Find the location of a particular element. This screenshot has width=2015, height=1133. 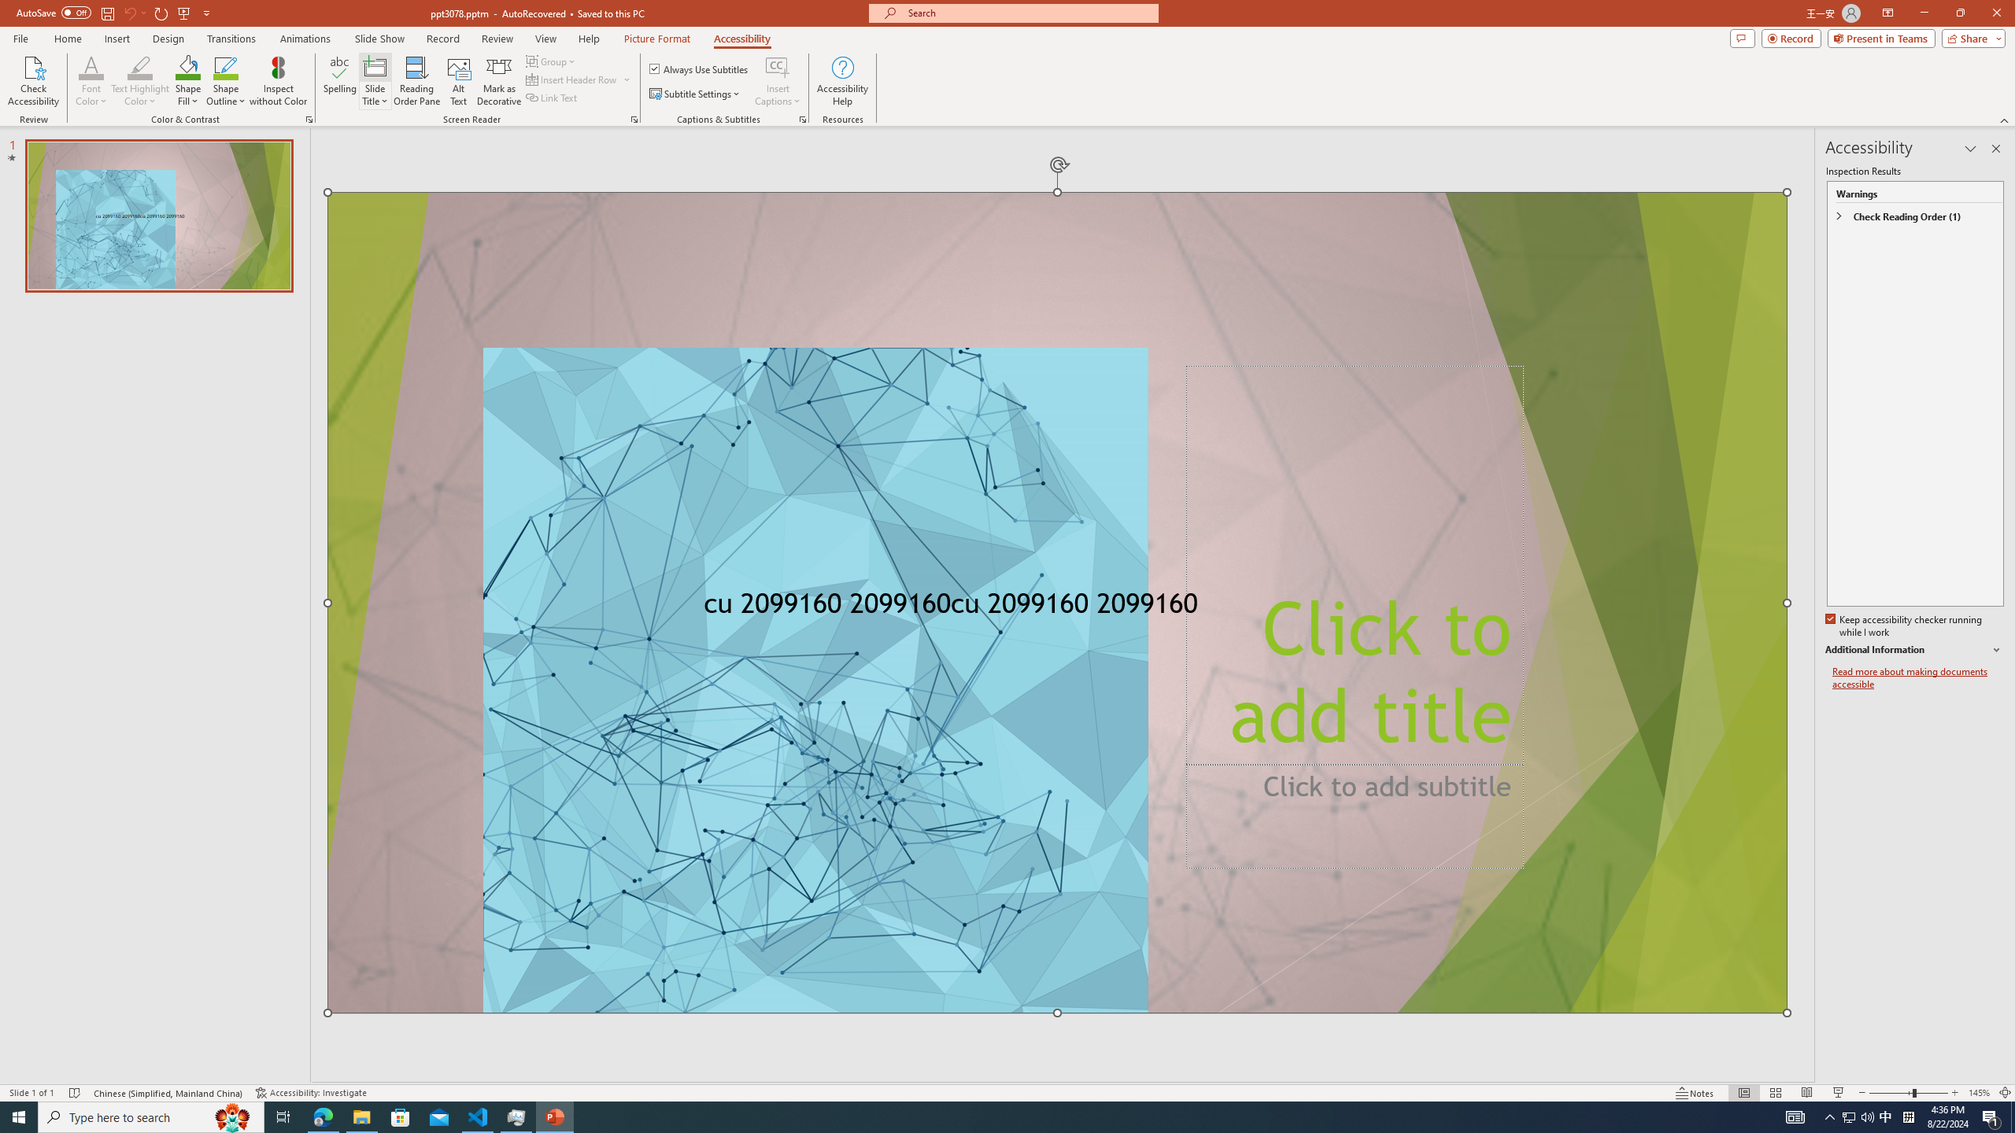

'Always Use Subtitles' is located at coordinates (699, 68).